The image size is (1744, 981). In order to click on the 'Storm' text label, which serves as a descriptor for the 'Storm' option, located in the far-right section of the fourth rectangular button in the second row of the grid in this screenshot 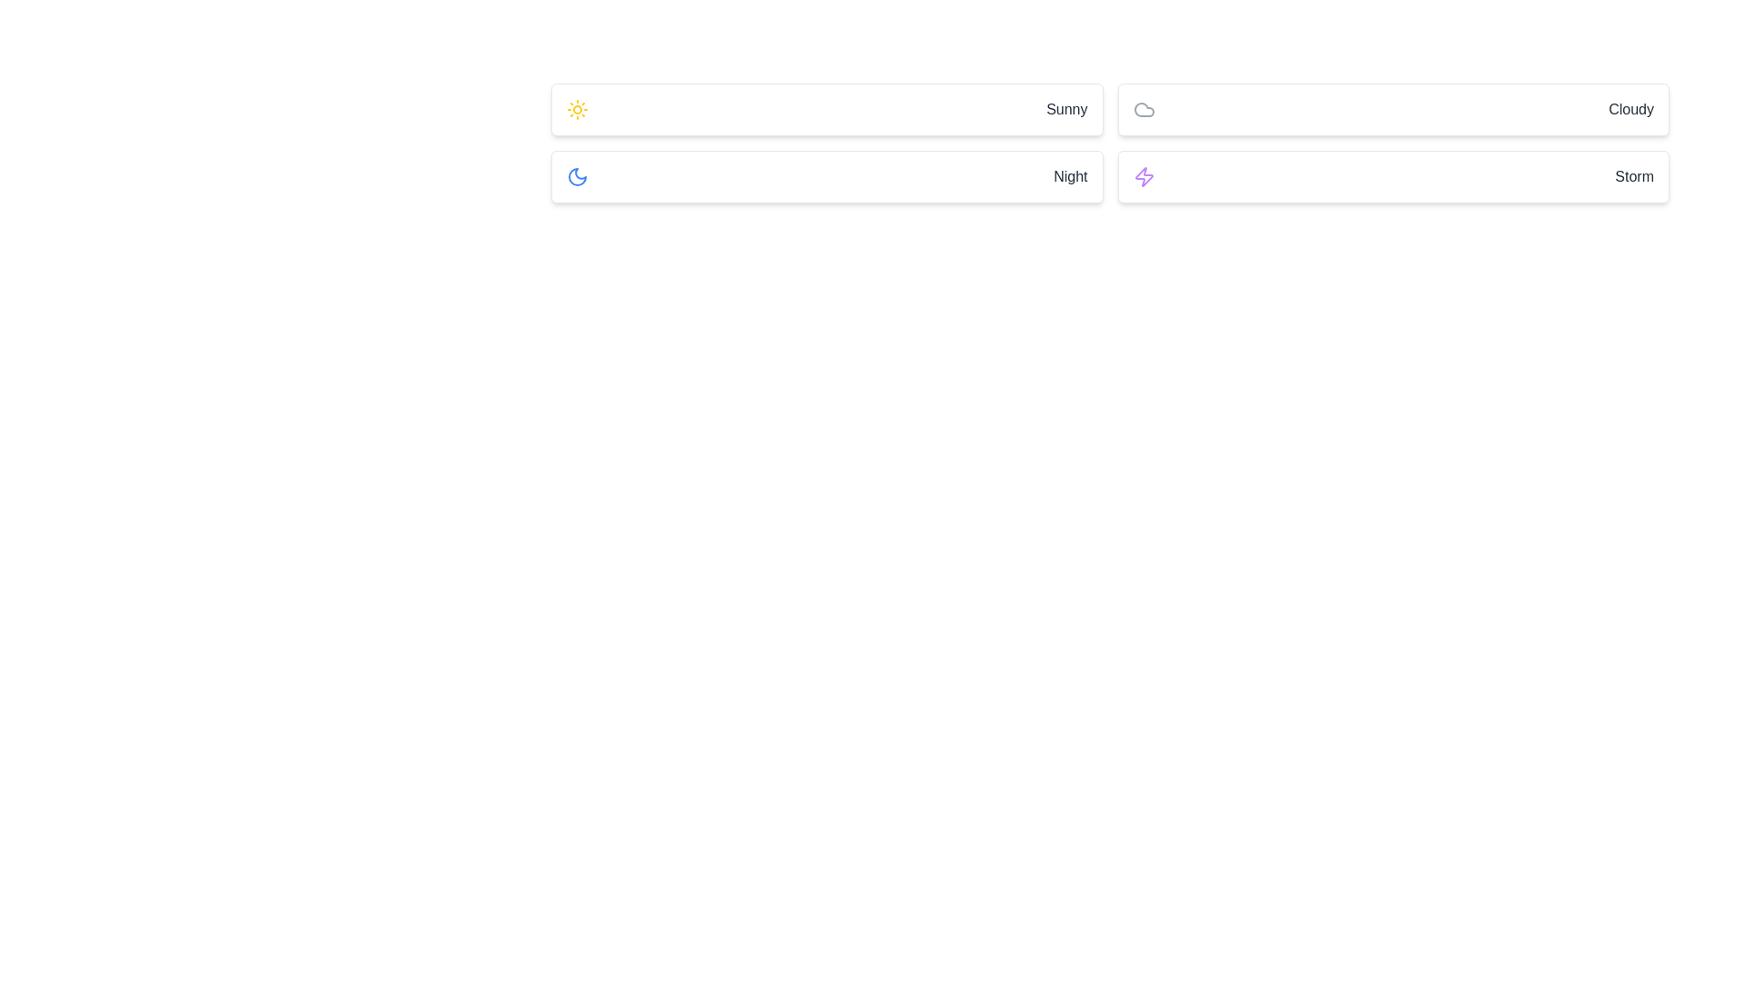, I will do `click(1634, 177)`.